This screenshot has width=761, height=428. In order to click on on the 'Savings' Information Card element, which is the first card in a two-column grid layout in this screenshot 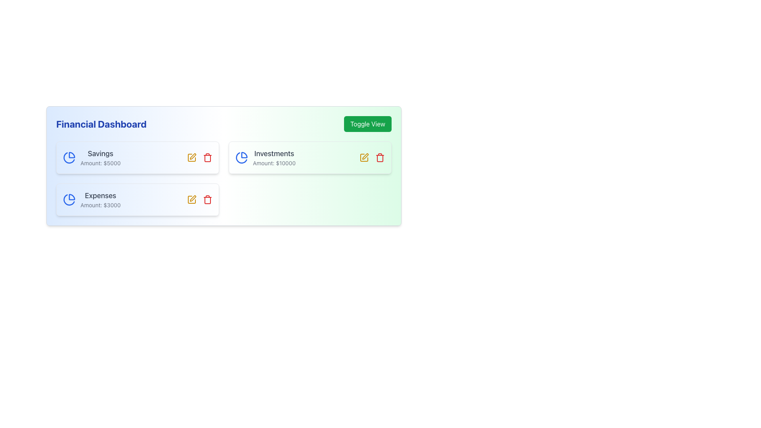, I will do `click(138, 157)`.